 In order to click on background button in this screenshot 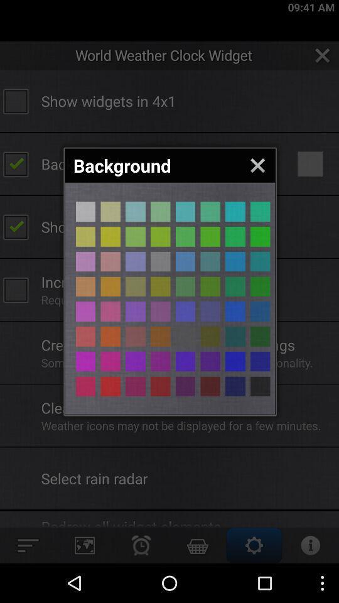, I will do `click(210, 311)`.